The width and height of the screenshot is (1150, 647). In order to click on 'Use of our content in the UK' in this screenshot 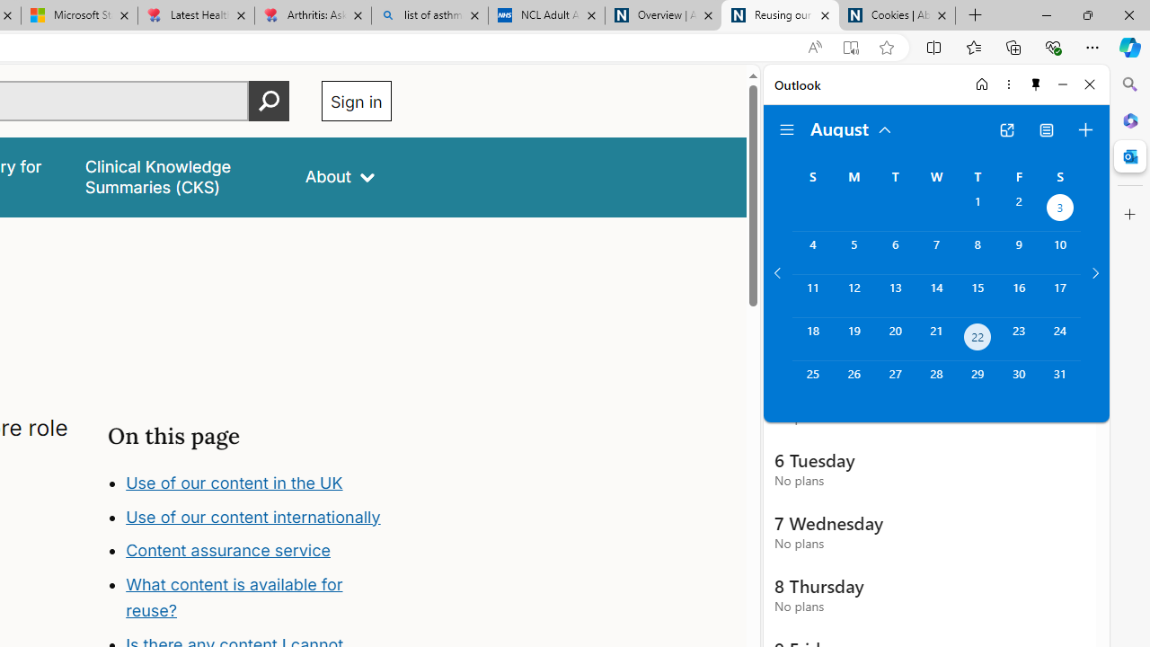, I will do `click(233, 482)`.